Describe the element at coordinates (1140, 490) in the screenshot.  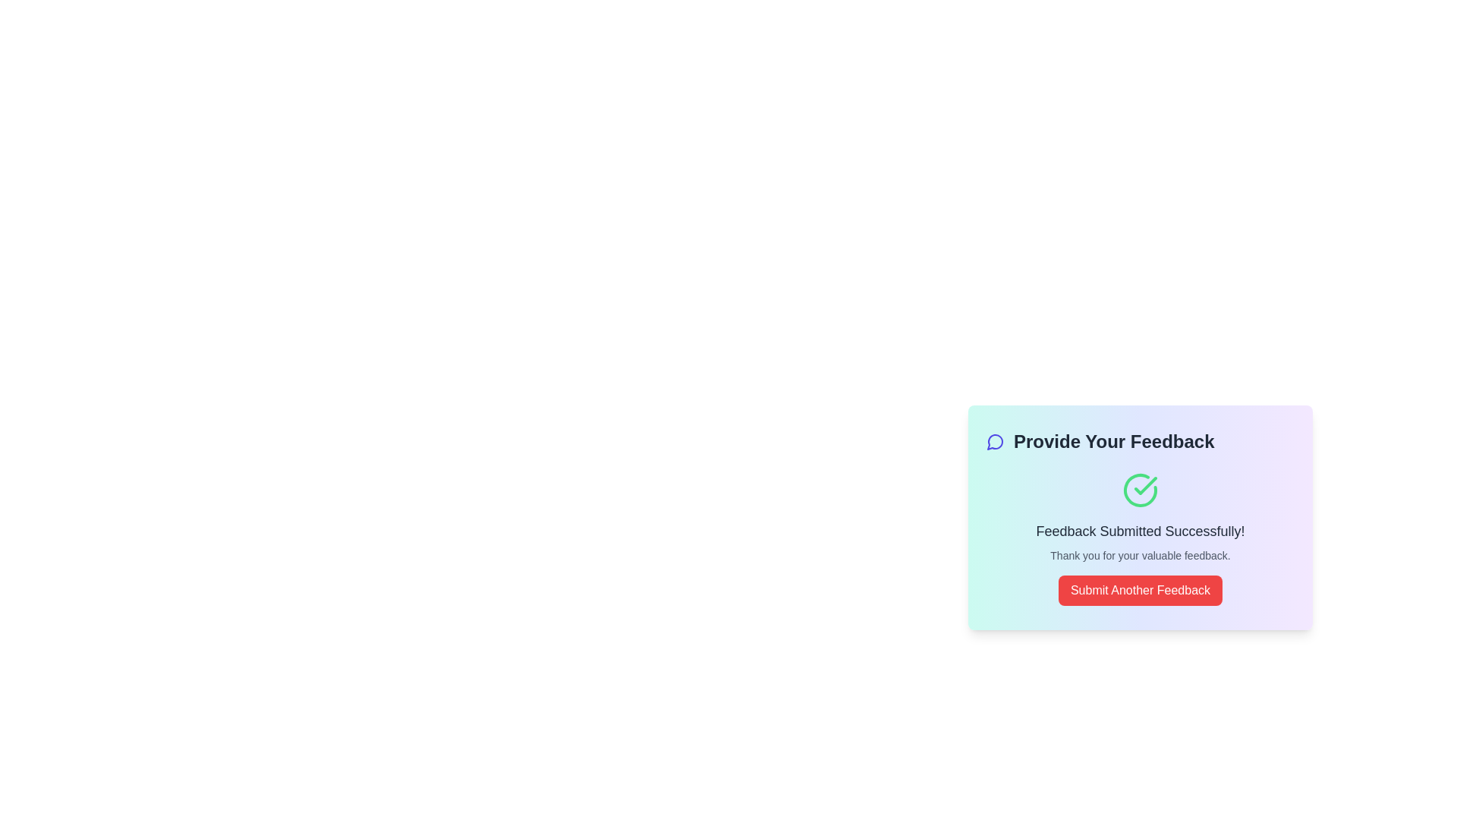
I see `the outer circular part of the success icon, which is positioned centrally above the confirmation text in the confirmation modal` at that location.